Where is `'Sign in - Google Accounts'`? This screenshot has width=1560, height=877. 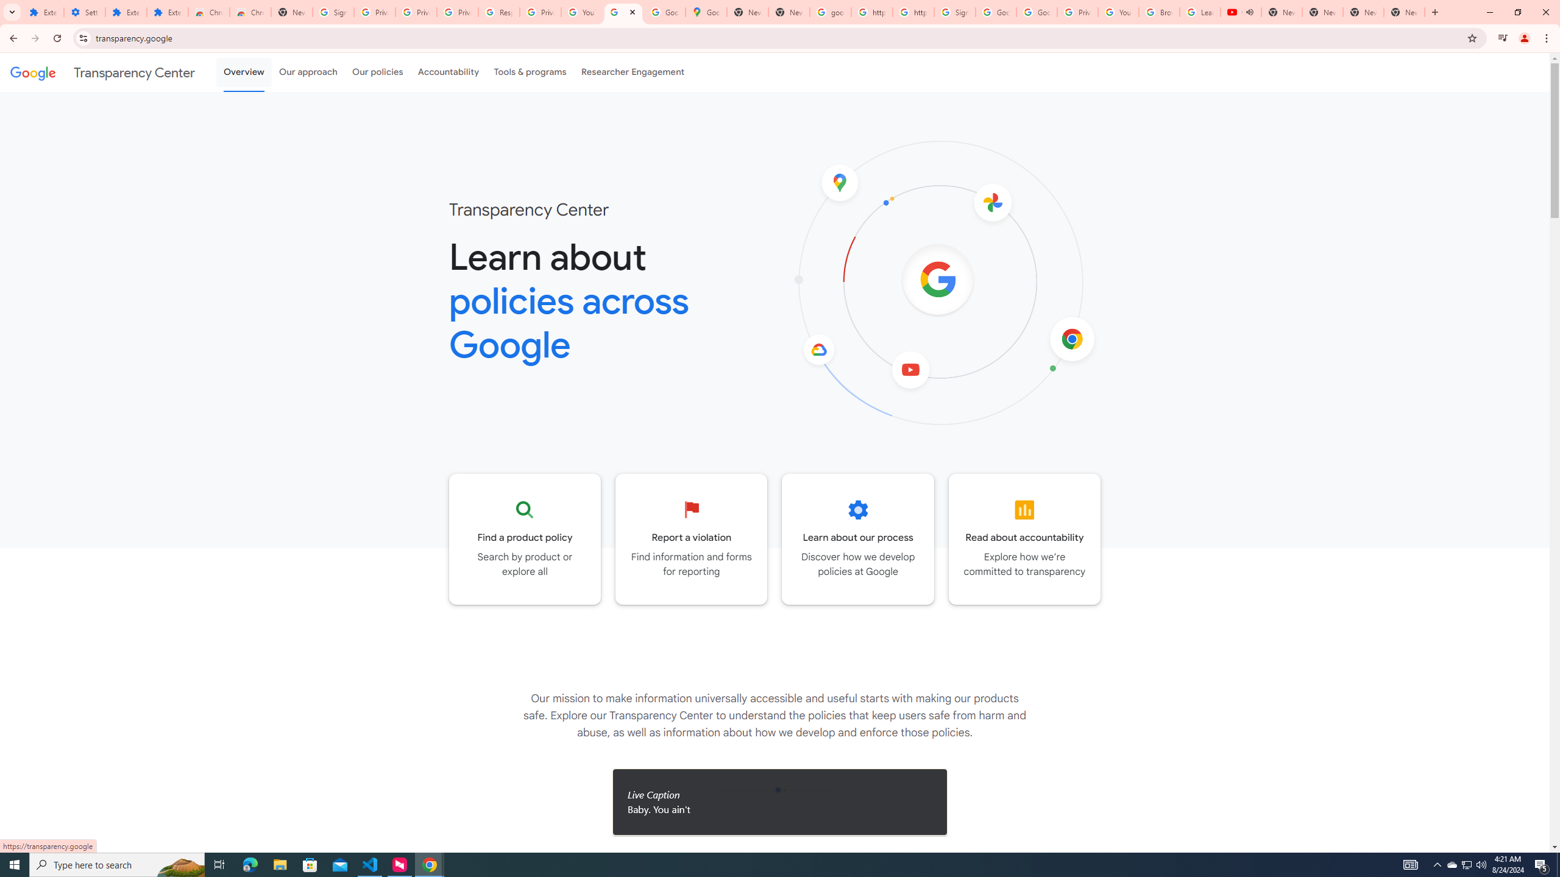
'Sign in - Google Accounts' is located at coordinates (954, 12).